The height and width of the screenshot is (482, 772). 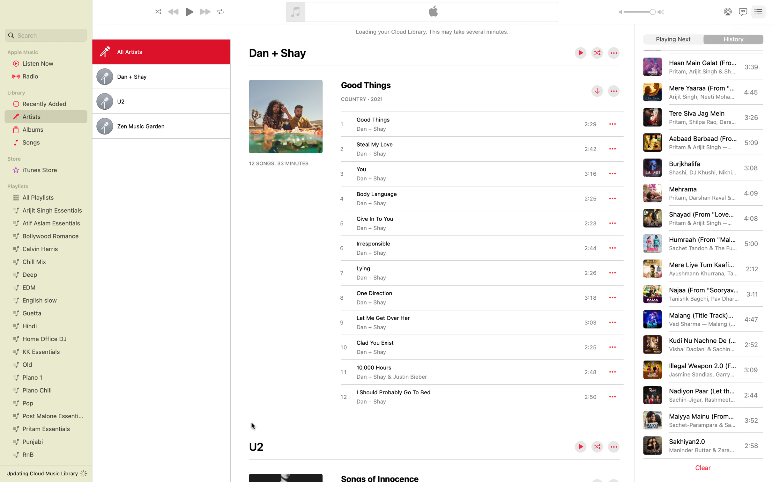 I want to click on play the song "1000 hours" later using more options button, so click(x=612, y=372).